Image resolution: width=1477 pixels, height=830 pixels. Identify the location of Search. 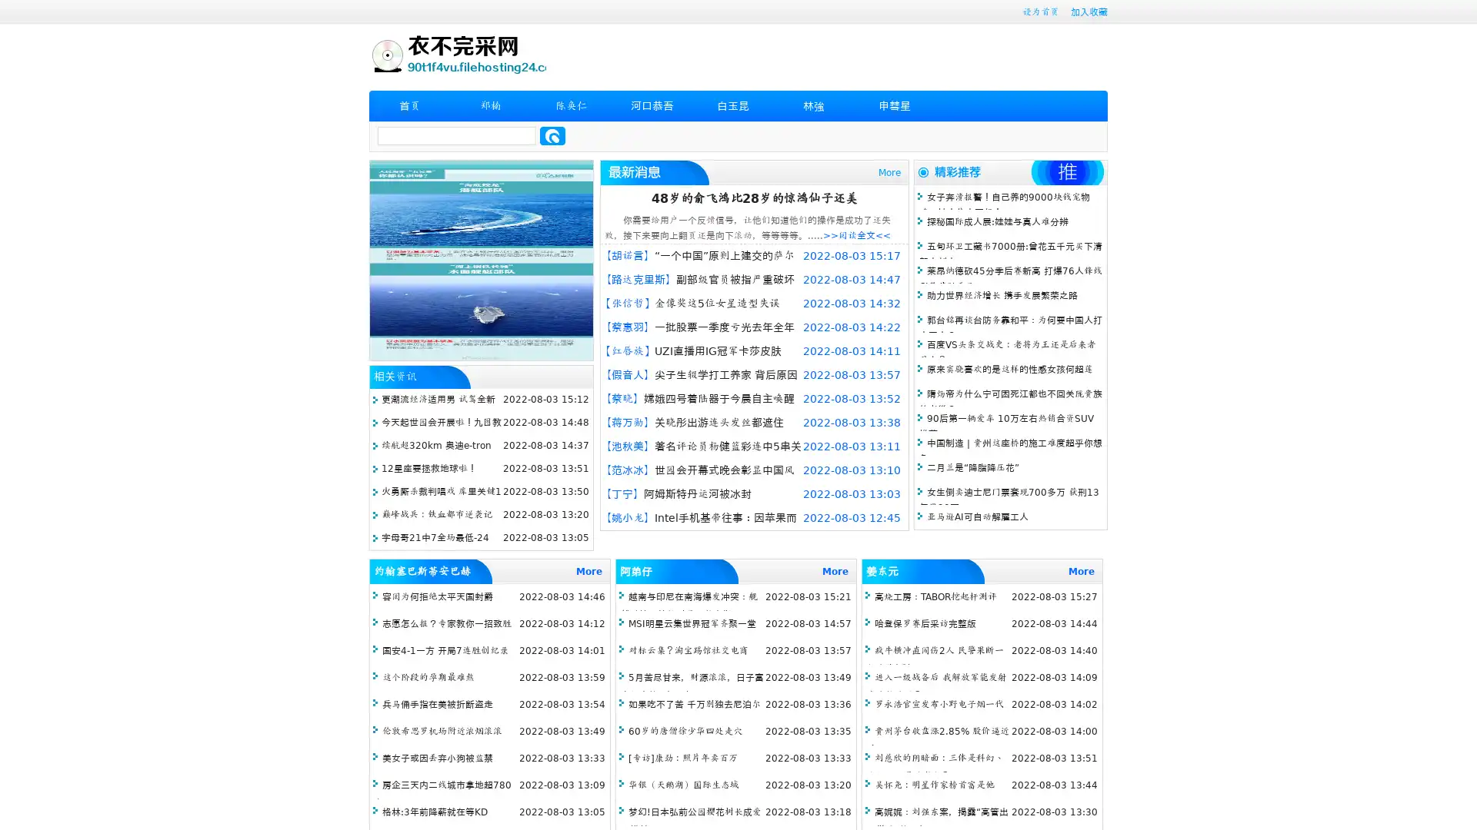
(552, 135).